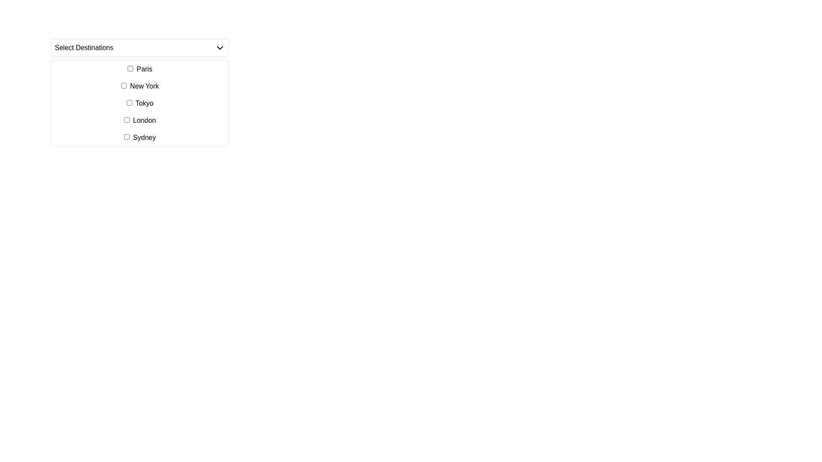  I want to click on the unselected checkbox for 'Tokyo', which is the third option in the 'Select Destinations' list, so click(129, 102).